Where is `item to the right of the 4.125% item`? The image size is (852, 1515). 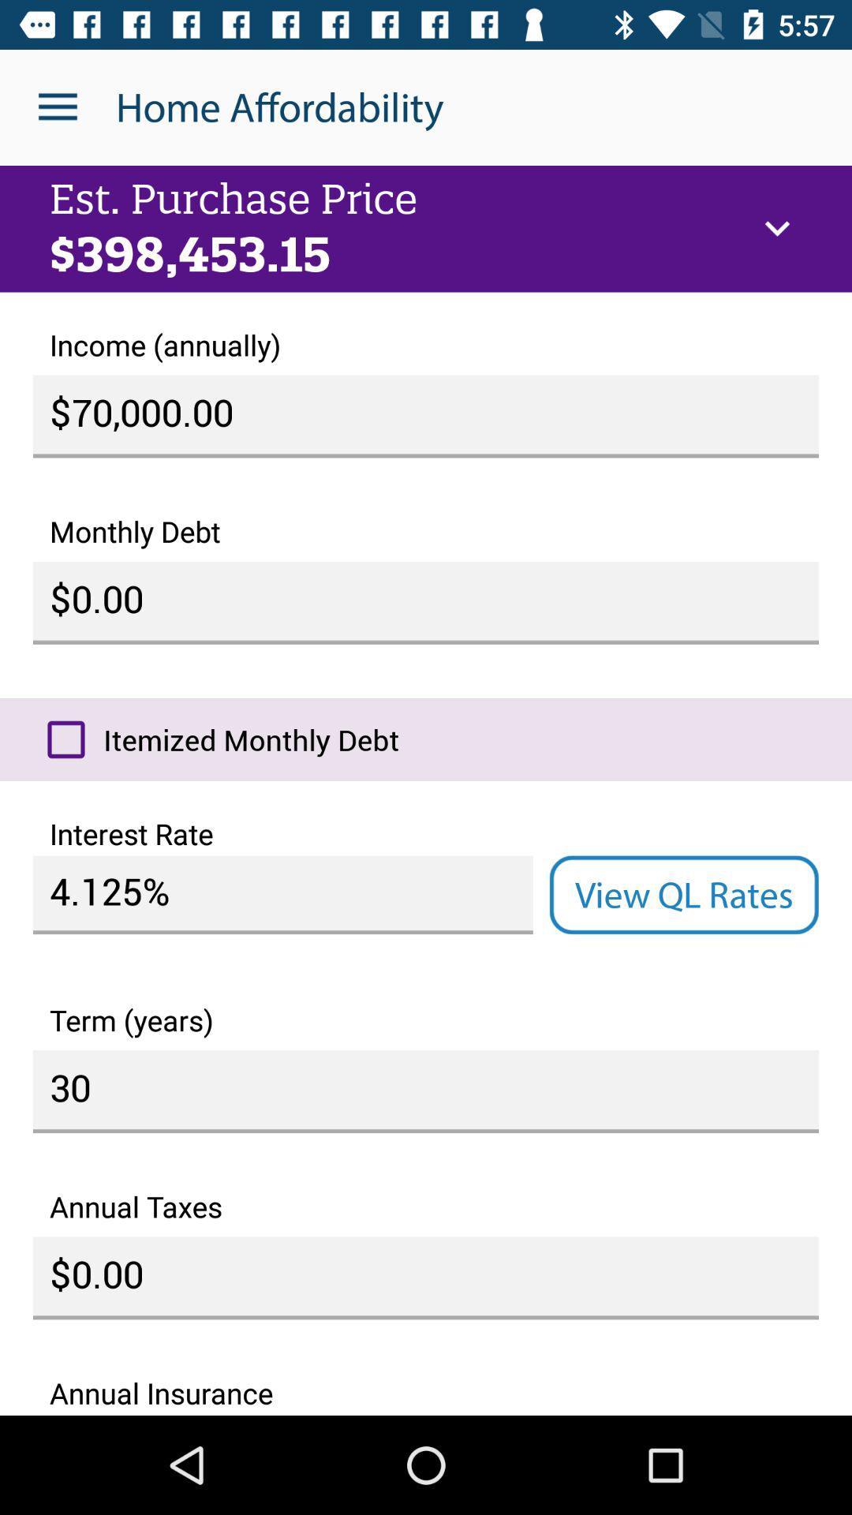 item to the right of the 4.125% item is located at coordinates (683, 895).